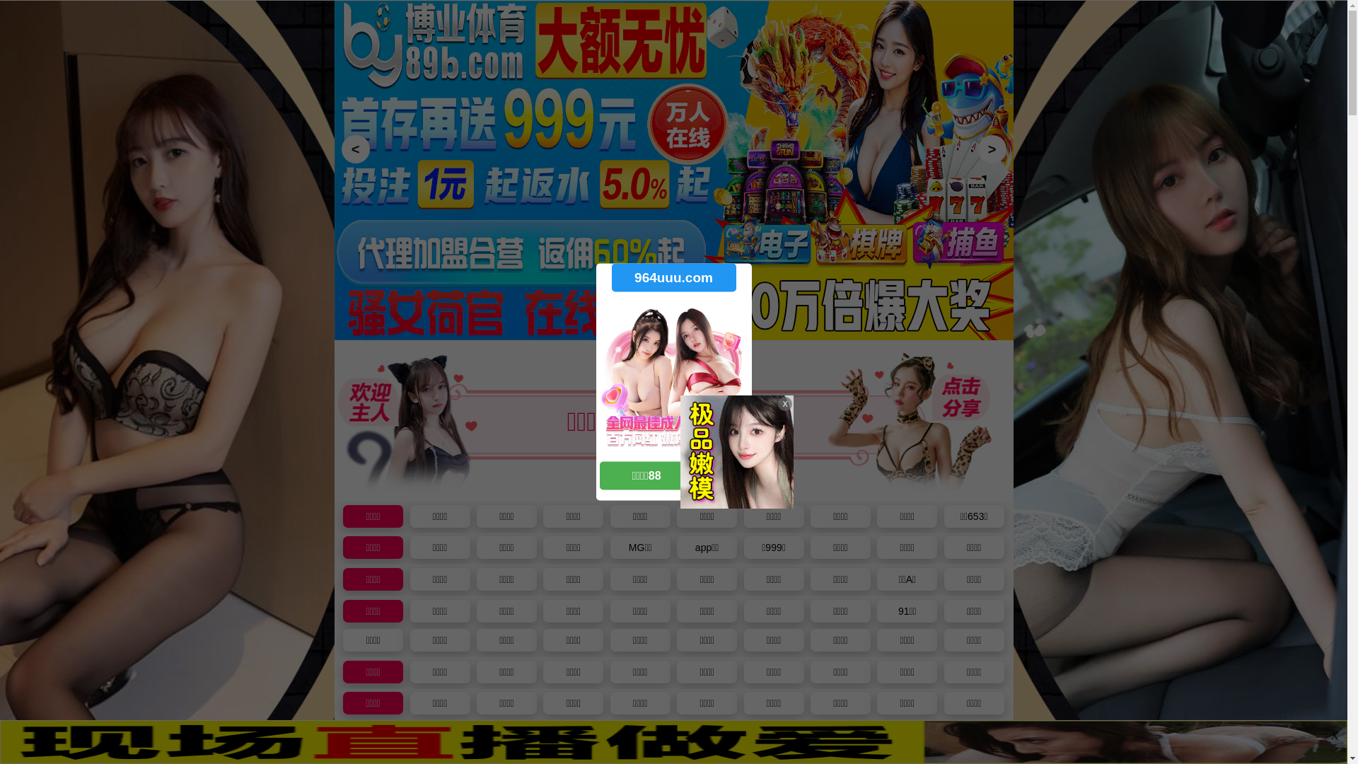 This screenshot has height=764, width=1358. I want to click on '964uuu.com', so click(672, 277).